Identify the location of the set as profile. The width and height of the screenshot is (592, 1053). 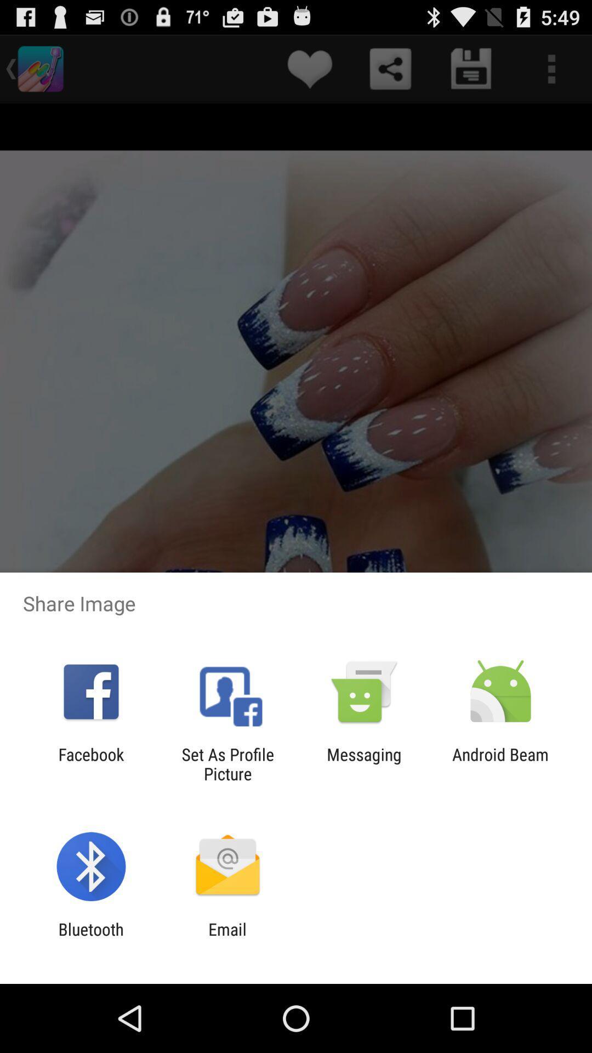
(227, 763).